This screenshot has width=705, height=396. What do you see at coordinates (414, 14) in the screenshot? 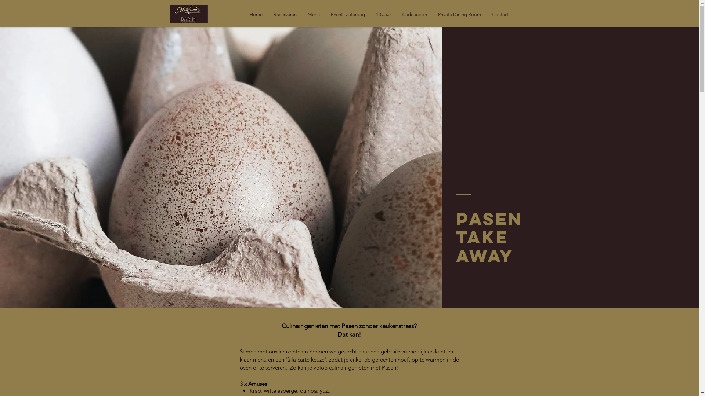
I see `'Cadeaubon'` at bounding box center [414, 14].